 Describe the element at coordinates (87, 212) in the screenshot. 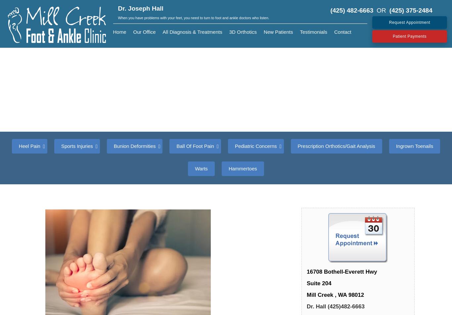

I see `'Shin Splints/Tendonitis'` at that location.